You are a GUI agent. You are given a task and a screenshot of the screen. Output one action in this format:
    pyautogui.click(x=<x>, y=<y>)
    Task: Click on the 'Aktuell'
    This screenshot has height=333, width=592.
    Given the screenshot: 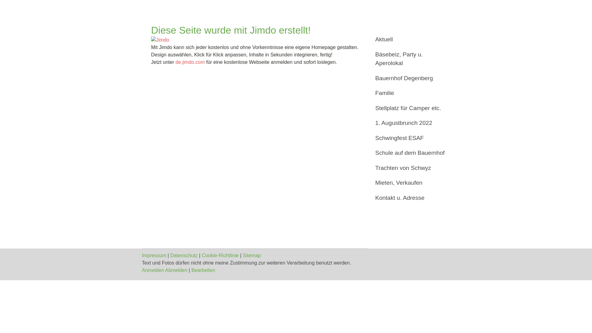 What is the action you would take?
    pyautogui.click(x=410, y=39)
    